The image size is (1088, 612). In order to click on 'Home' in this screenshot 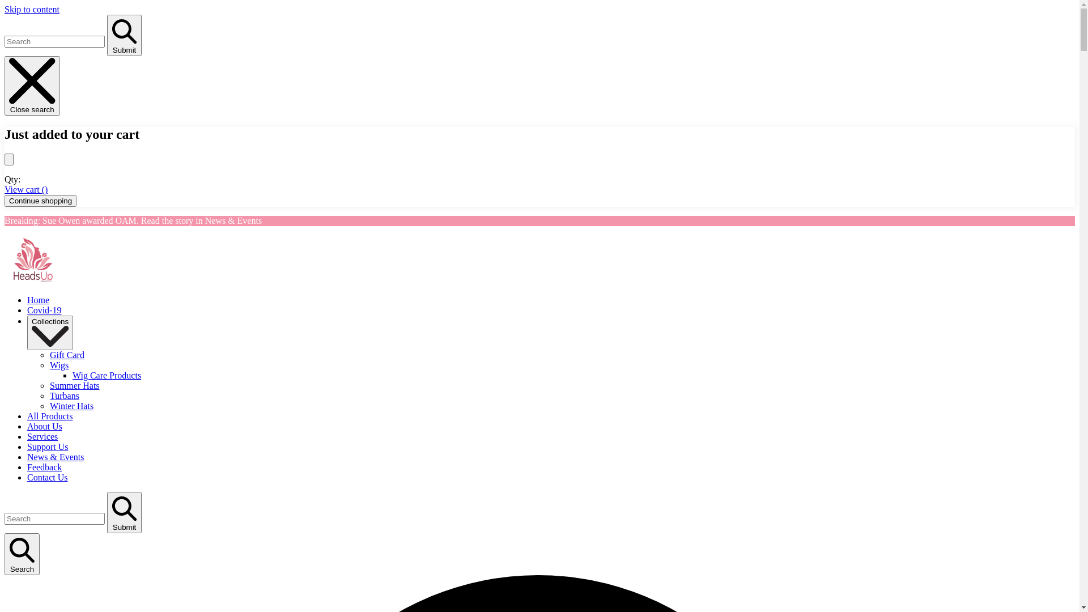, I will do `click(38, 299)`.